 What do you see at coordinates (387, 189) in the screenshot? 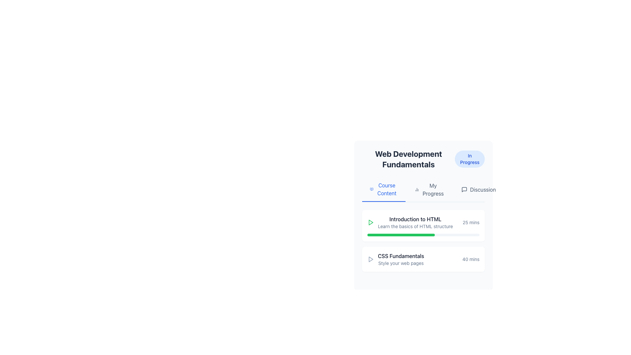
I see `the navigational text label on the left side of the course detail section` at bounding box center [387, 189].